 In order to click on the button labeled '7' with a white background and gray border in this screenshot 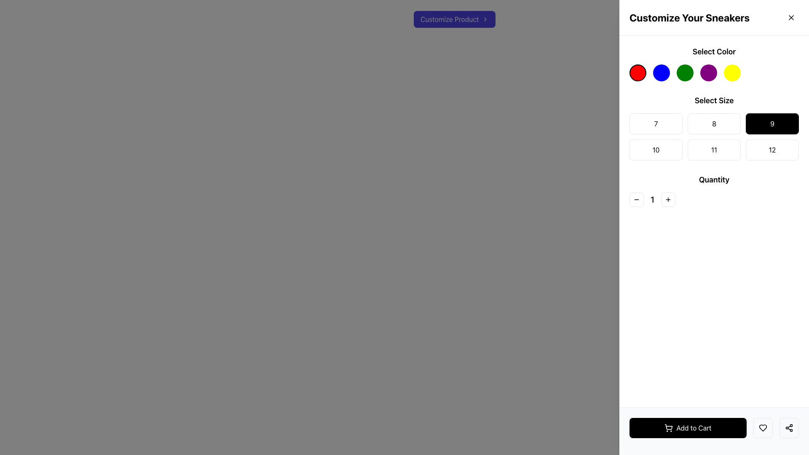, I will do `click(655, 123)`.